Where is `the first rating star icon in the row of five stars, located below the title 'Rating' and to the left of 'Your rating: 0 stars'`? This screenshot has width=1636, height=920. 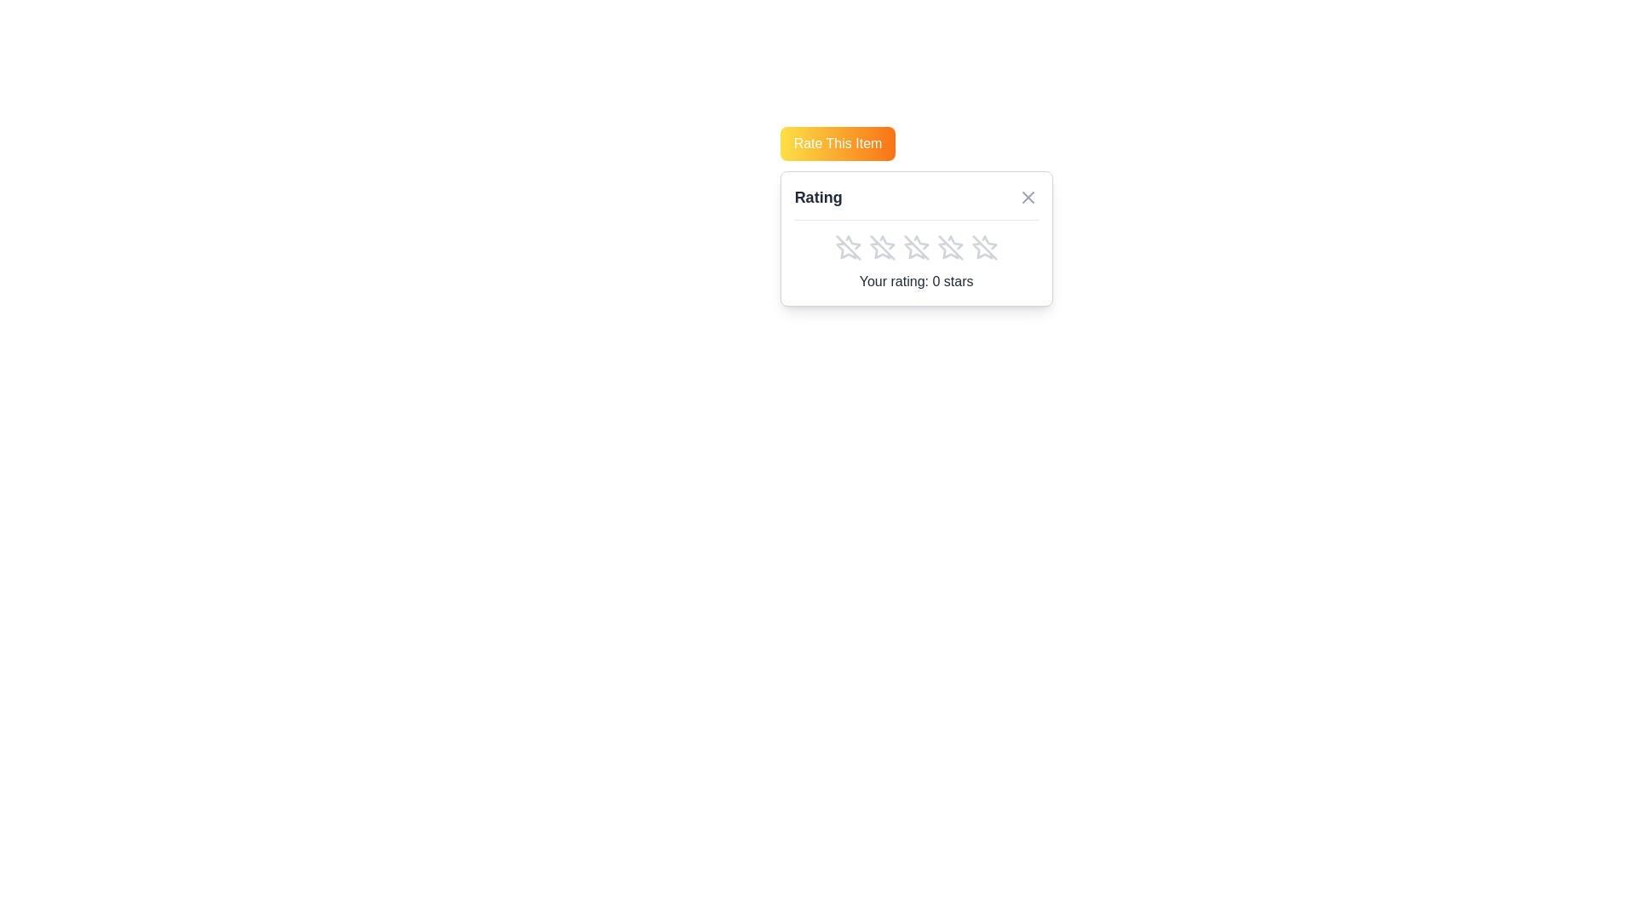 the first rating star icon in the row of five stars, located below the title 'Rating' and to the left of 'Your rating: 0 stars' is located at coordinates (848, 247).